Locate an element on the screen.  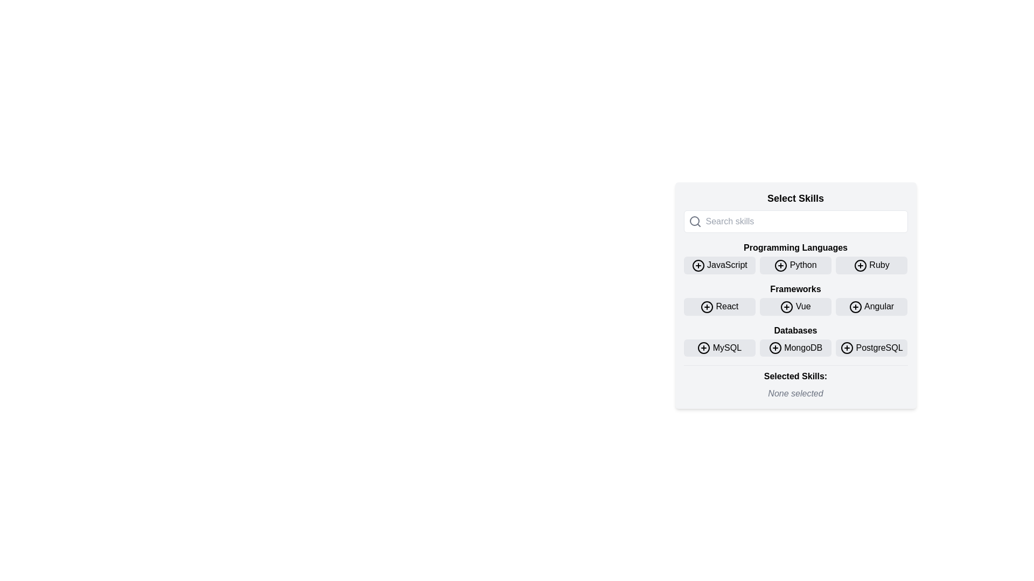
the button used to select or interact with the 'Ruby' option, which is the third button in the 'Programming Languages' category grid layout is located at coordinates (871, 265).